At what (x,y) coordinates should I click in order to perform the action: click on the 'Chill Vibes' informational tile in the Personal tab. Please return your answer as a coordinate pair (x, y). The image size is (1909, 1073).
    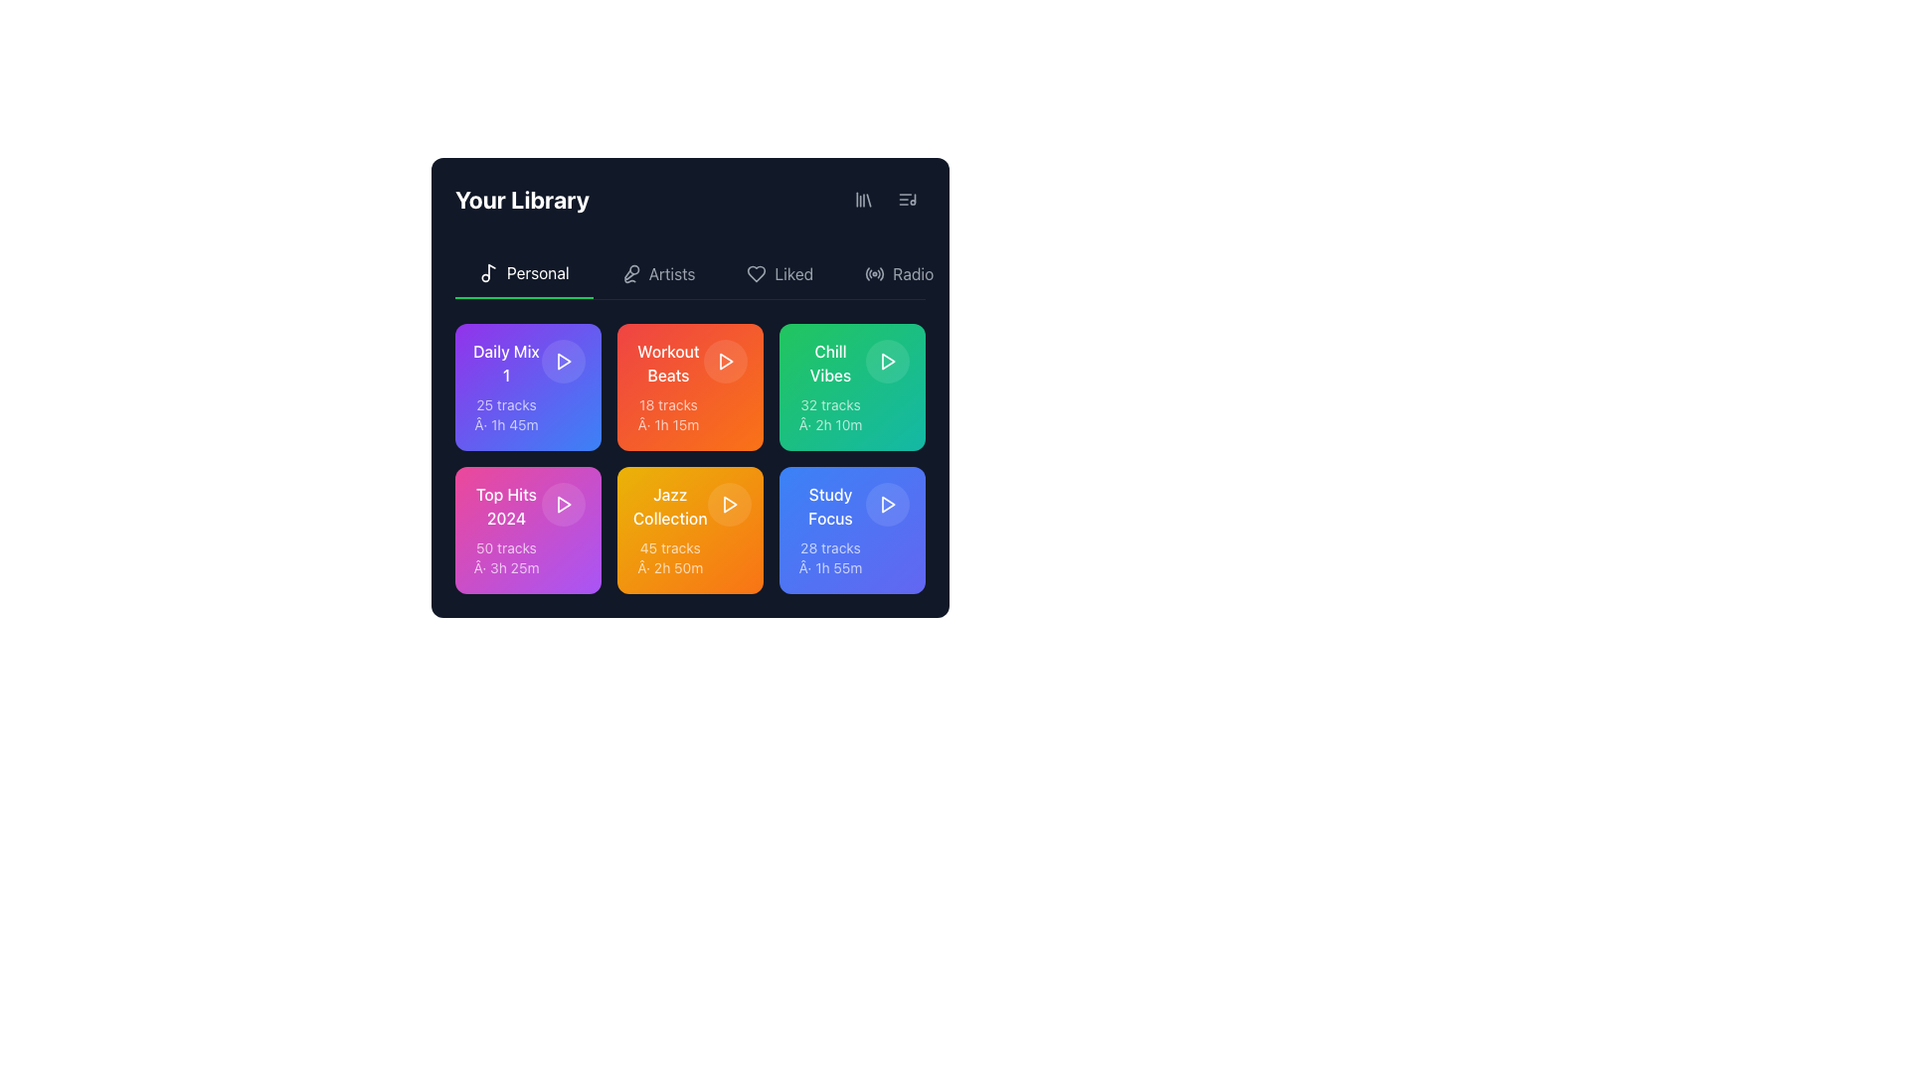
    Looking at the image, I should click on (830, 386).